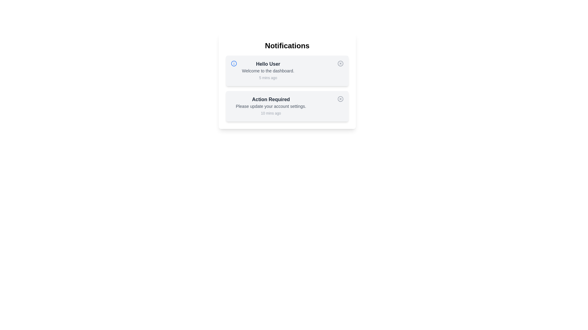  I want to click on the circular dismissal button marked with an 'X', so click(340, 64).